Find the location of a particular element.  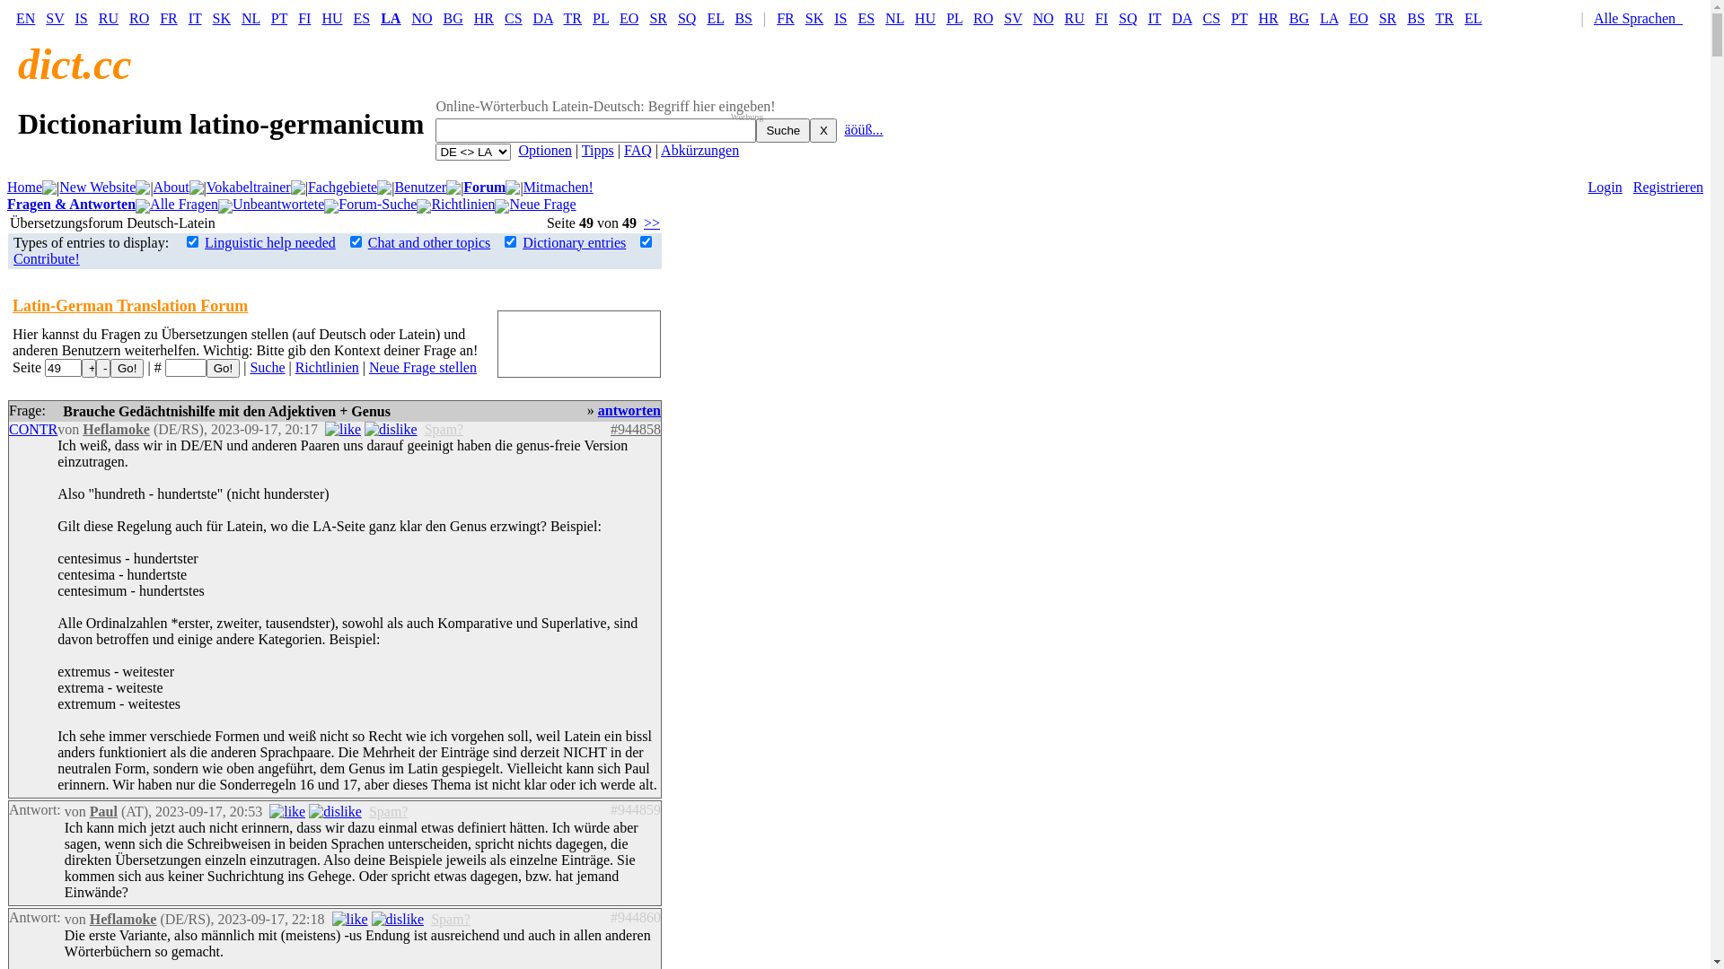

'SV' is located at coordinates (1013, 18).